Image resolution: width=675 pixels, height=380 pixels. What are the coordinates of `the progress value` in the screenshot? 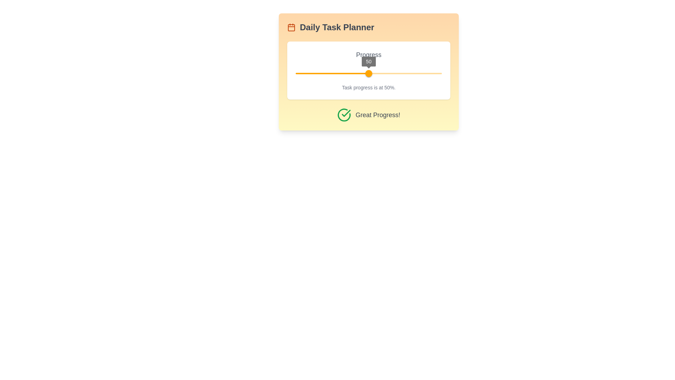 It's located at (366, 73).